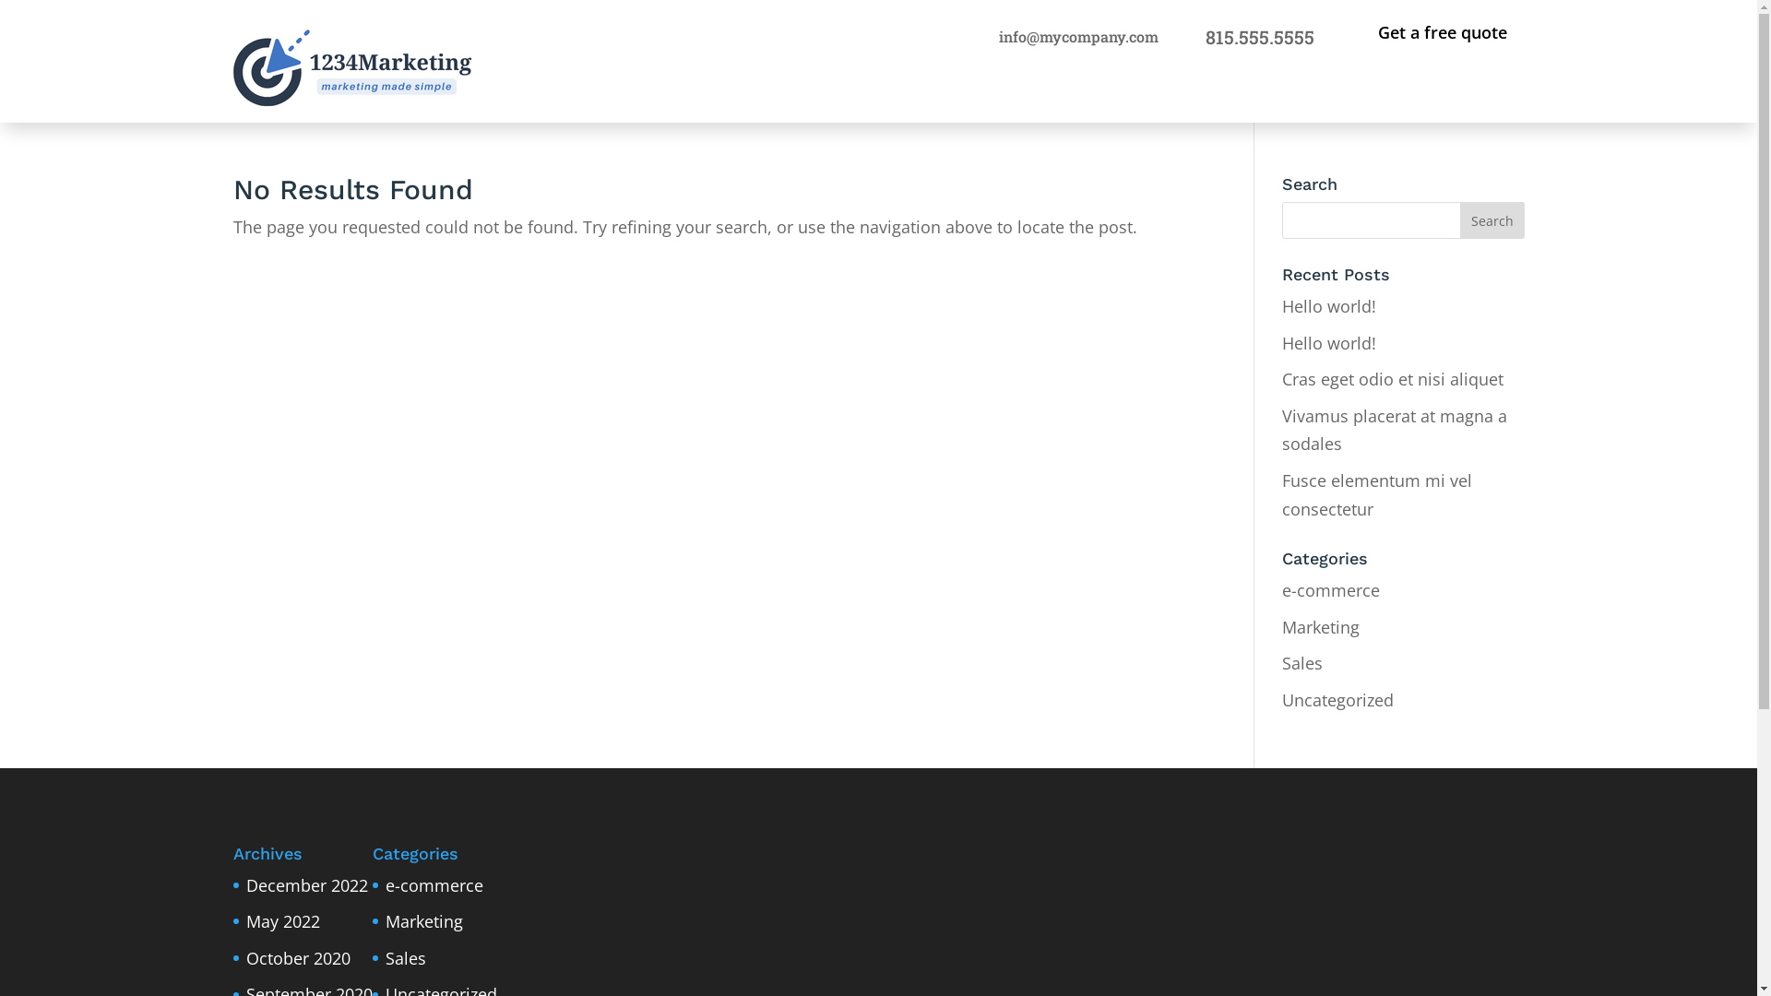  Describe the element at coordinates (1492, 219) in the screenshot. I see `'Search'` at that location.